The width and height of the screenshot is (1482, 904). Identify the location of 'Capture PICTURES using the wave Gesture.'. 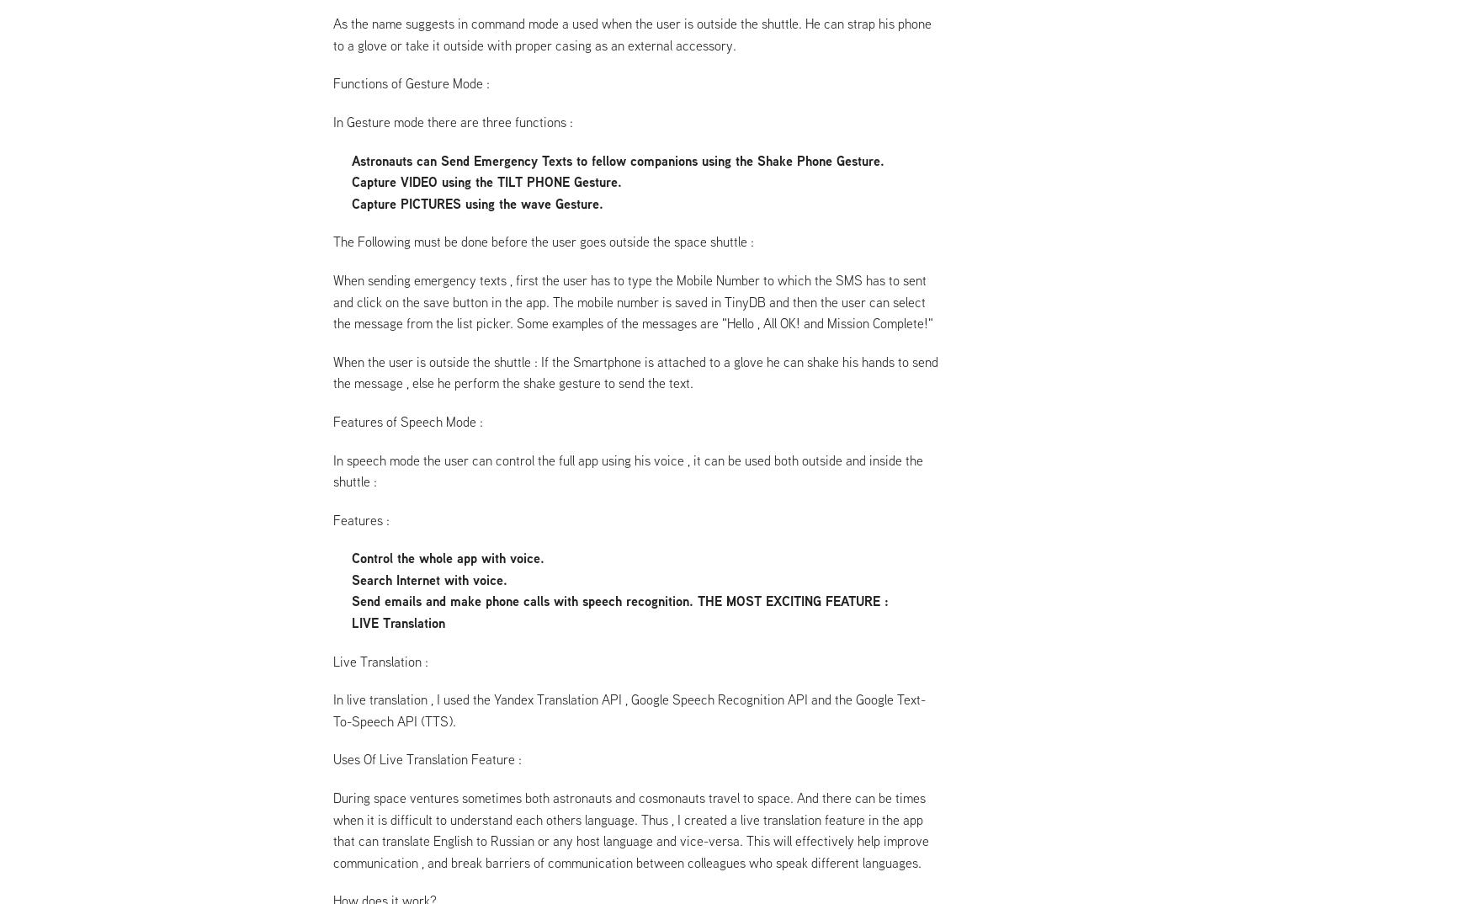
(475, 202).